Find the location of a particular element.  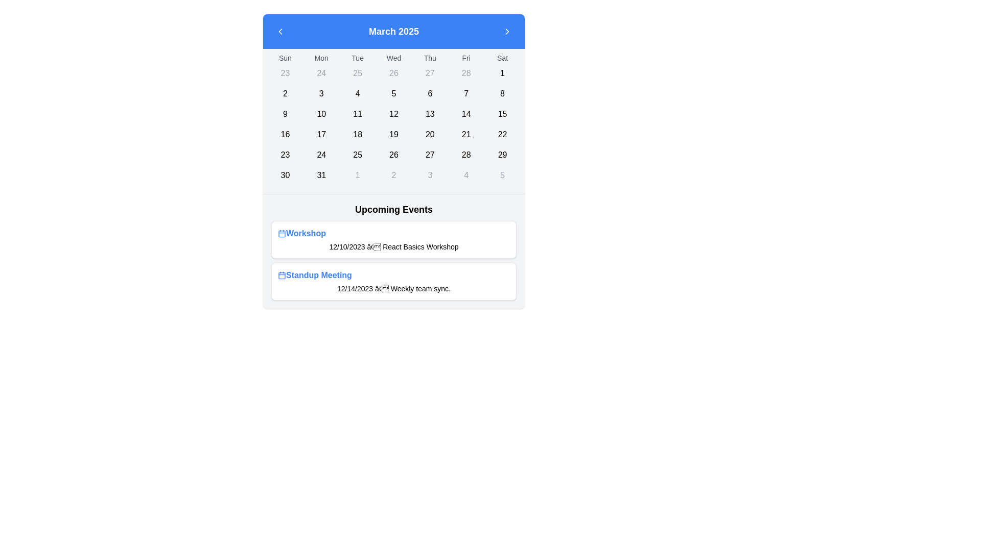

the calendar event icon located to the left of the 'Workshop' text, which serves as a visual indicator for the event is located at coordinates (282, 234).